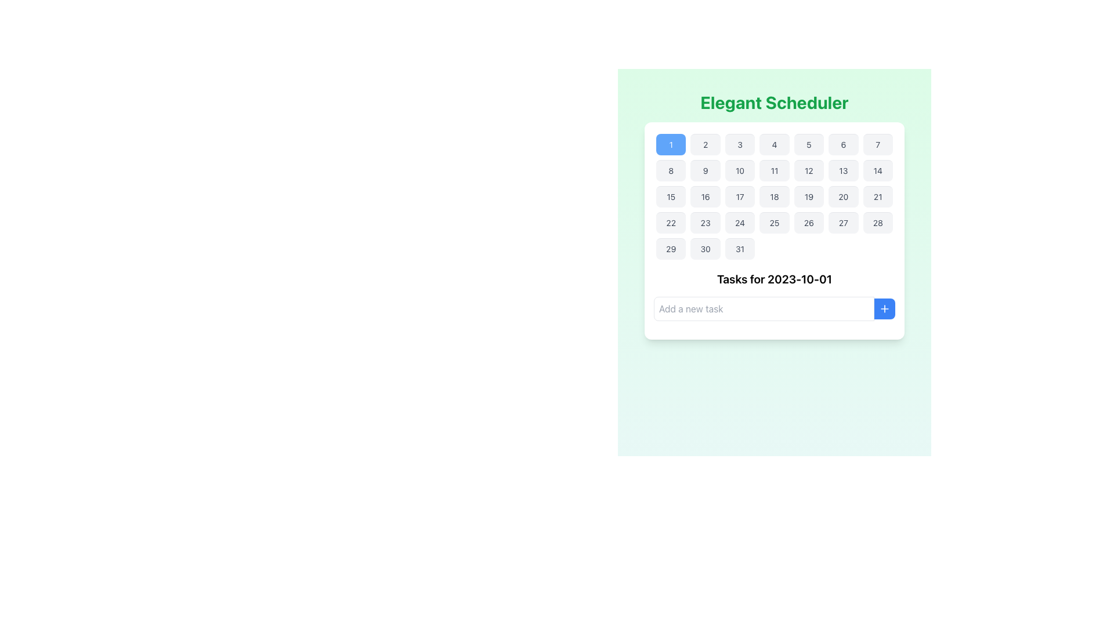 The width and height of the screenshot is (1114, 626). I want to click on the button in the calendar interface located in the third row and fourth column, so click(774, 196).